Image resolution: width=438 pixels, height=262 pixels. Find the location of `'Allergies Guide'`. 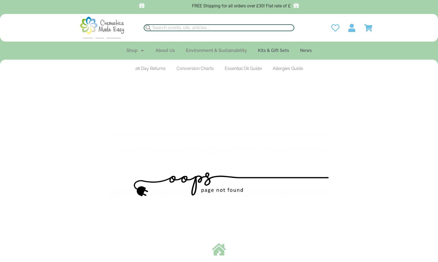

'Allergies Guide' is located at coordinates (287, 68).